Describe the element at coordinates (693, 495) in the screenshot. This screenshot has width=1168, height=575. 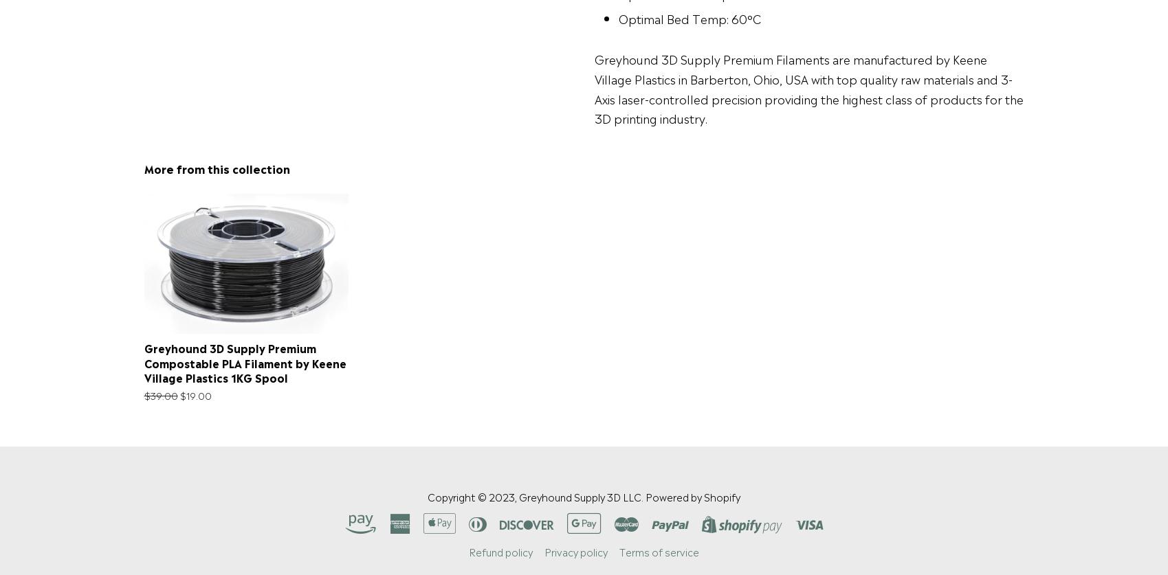
I see `'Powered by Shopify'` at that location.